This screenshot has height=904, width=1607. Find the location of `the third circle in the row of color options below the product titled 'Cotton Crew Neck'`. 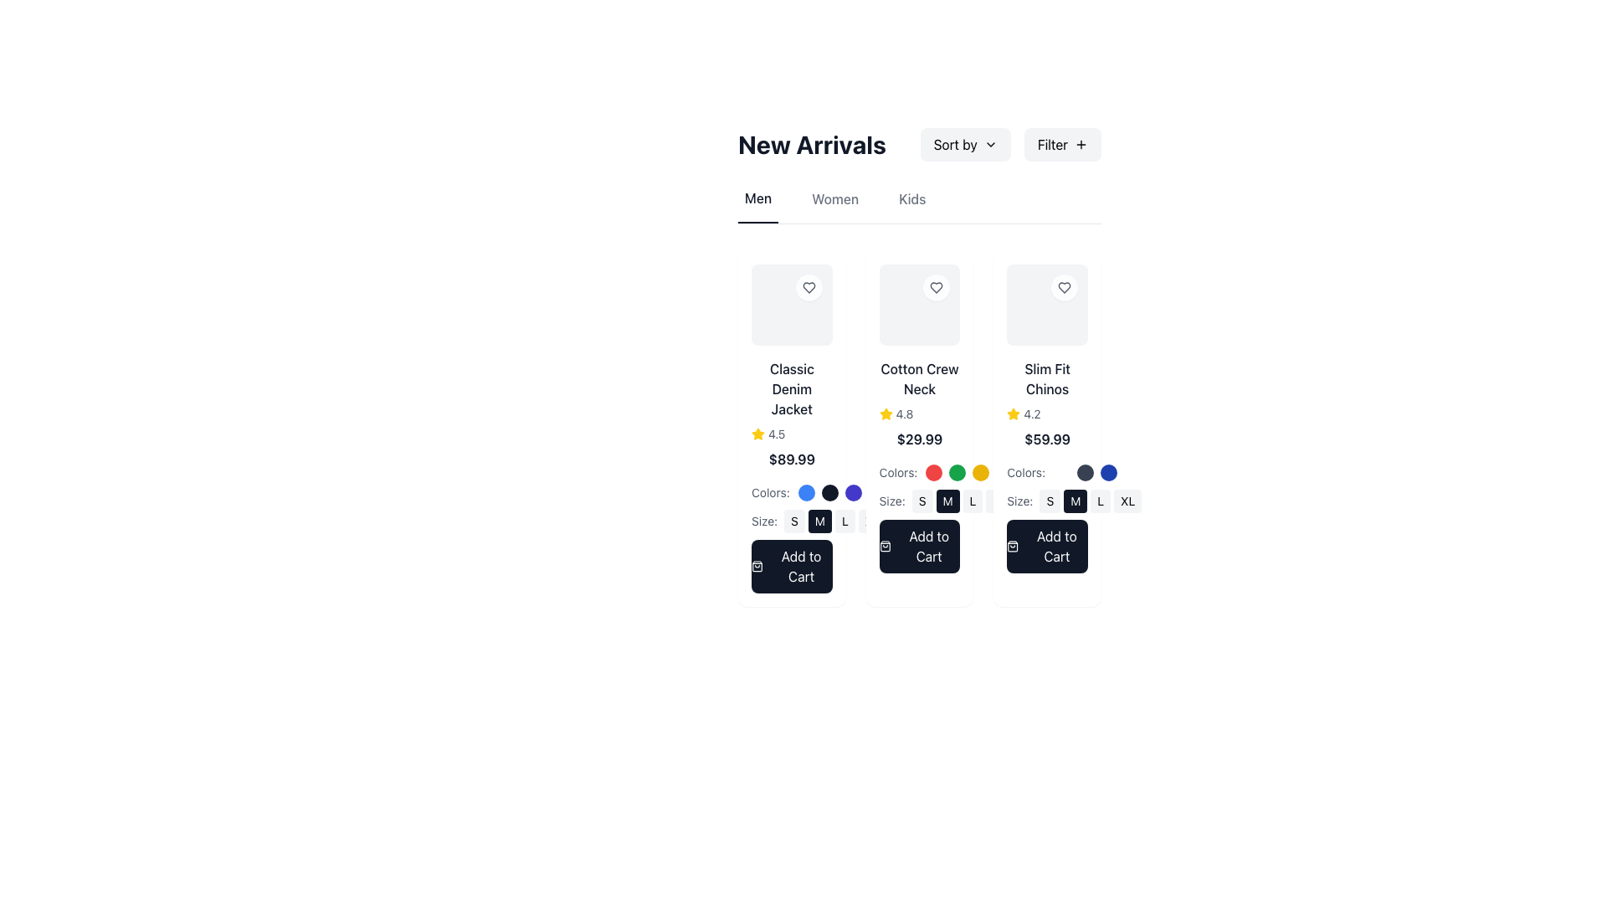

the third circle in the row of color options below the product titled 'Cotton Crew Neck' is located at coordinates (981, 472).